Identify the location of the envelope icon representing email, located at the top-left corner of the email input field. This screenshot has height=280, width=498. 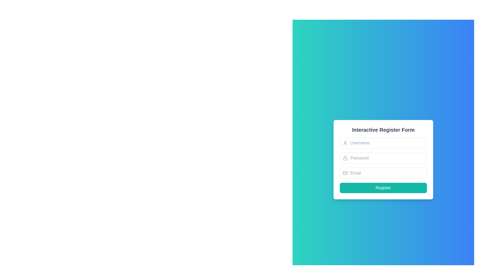
(345, 173).